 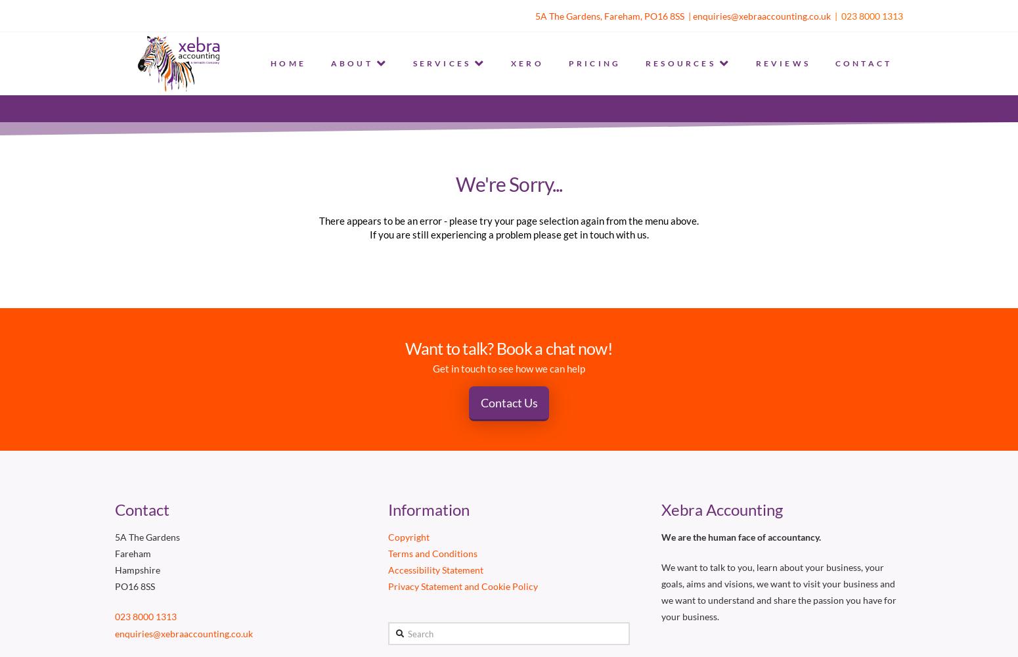 What do you see at coordinates (438, 124) in the screenshot?
I see `'ACCOUNTING'` at bounding box center [438, 124].